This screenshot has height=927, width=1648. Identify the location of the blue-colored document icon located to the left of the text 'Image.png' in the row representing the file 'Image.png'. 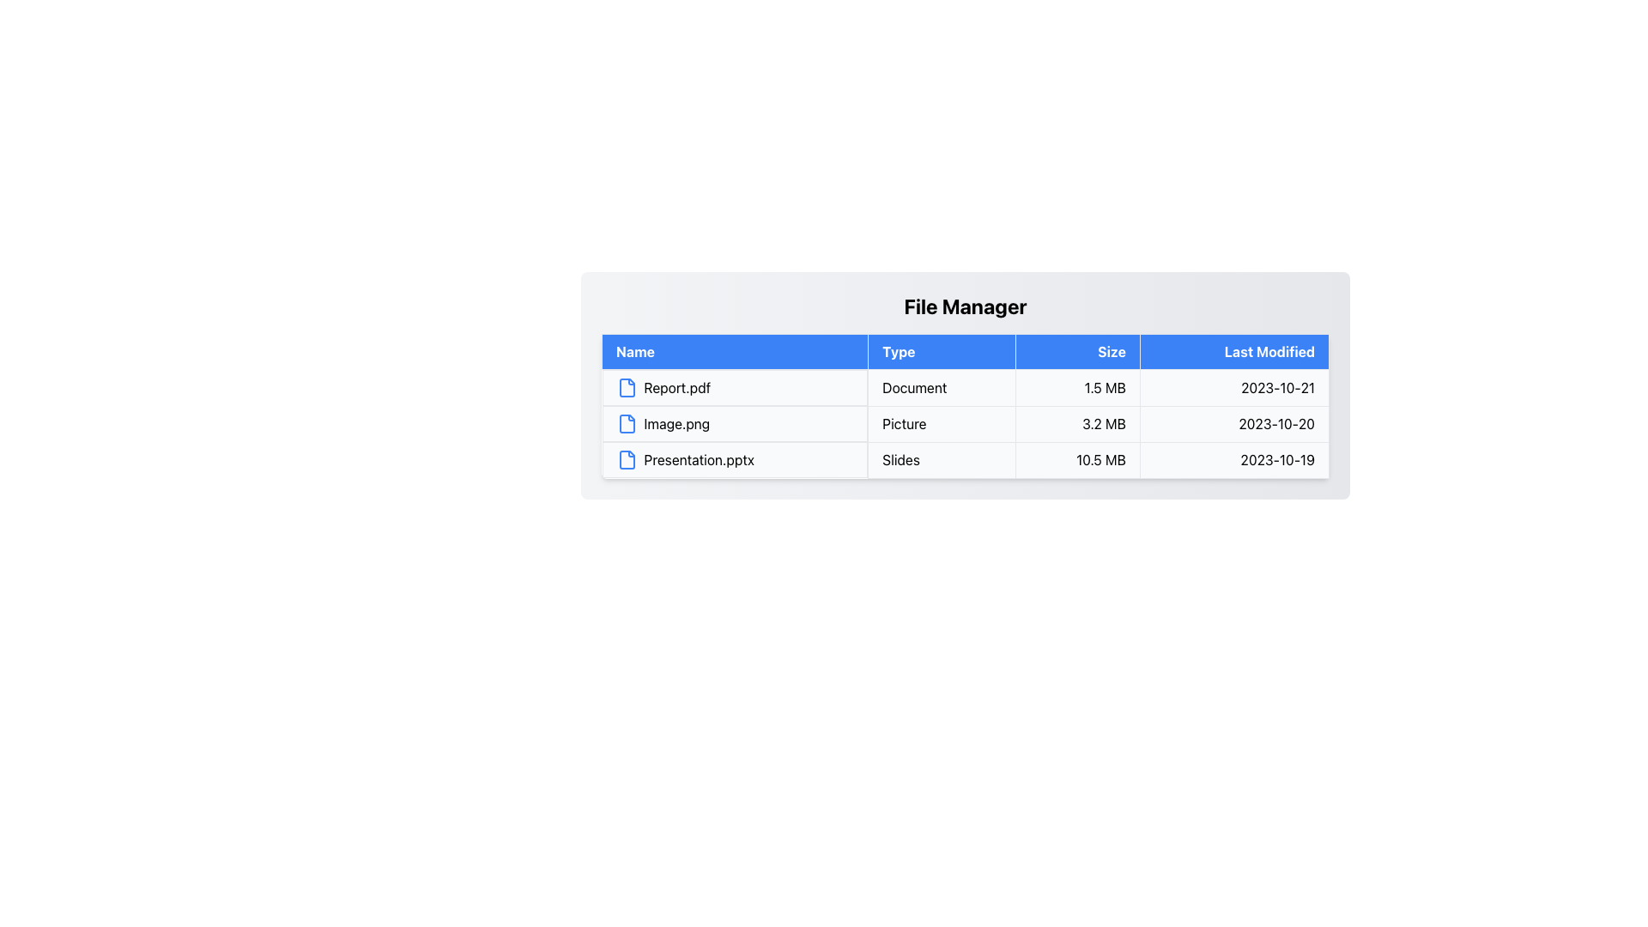
(626, 423).